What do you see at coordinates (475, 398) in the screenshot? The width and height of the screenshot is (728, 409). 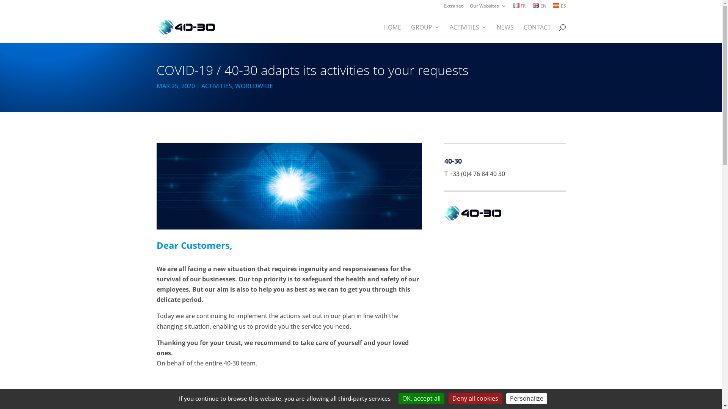 I see `'Deny all cookies'` at bounding box center [475, 398].